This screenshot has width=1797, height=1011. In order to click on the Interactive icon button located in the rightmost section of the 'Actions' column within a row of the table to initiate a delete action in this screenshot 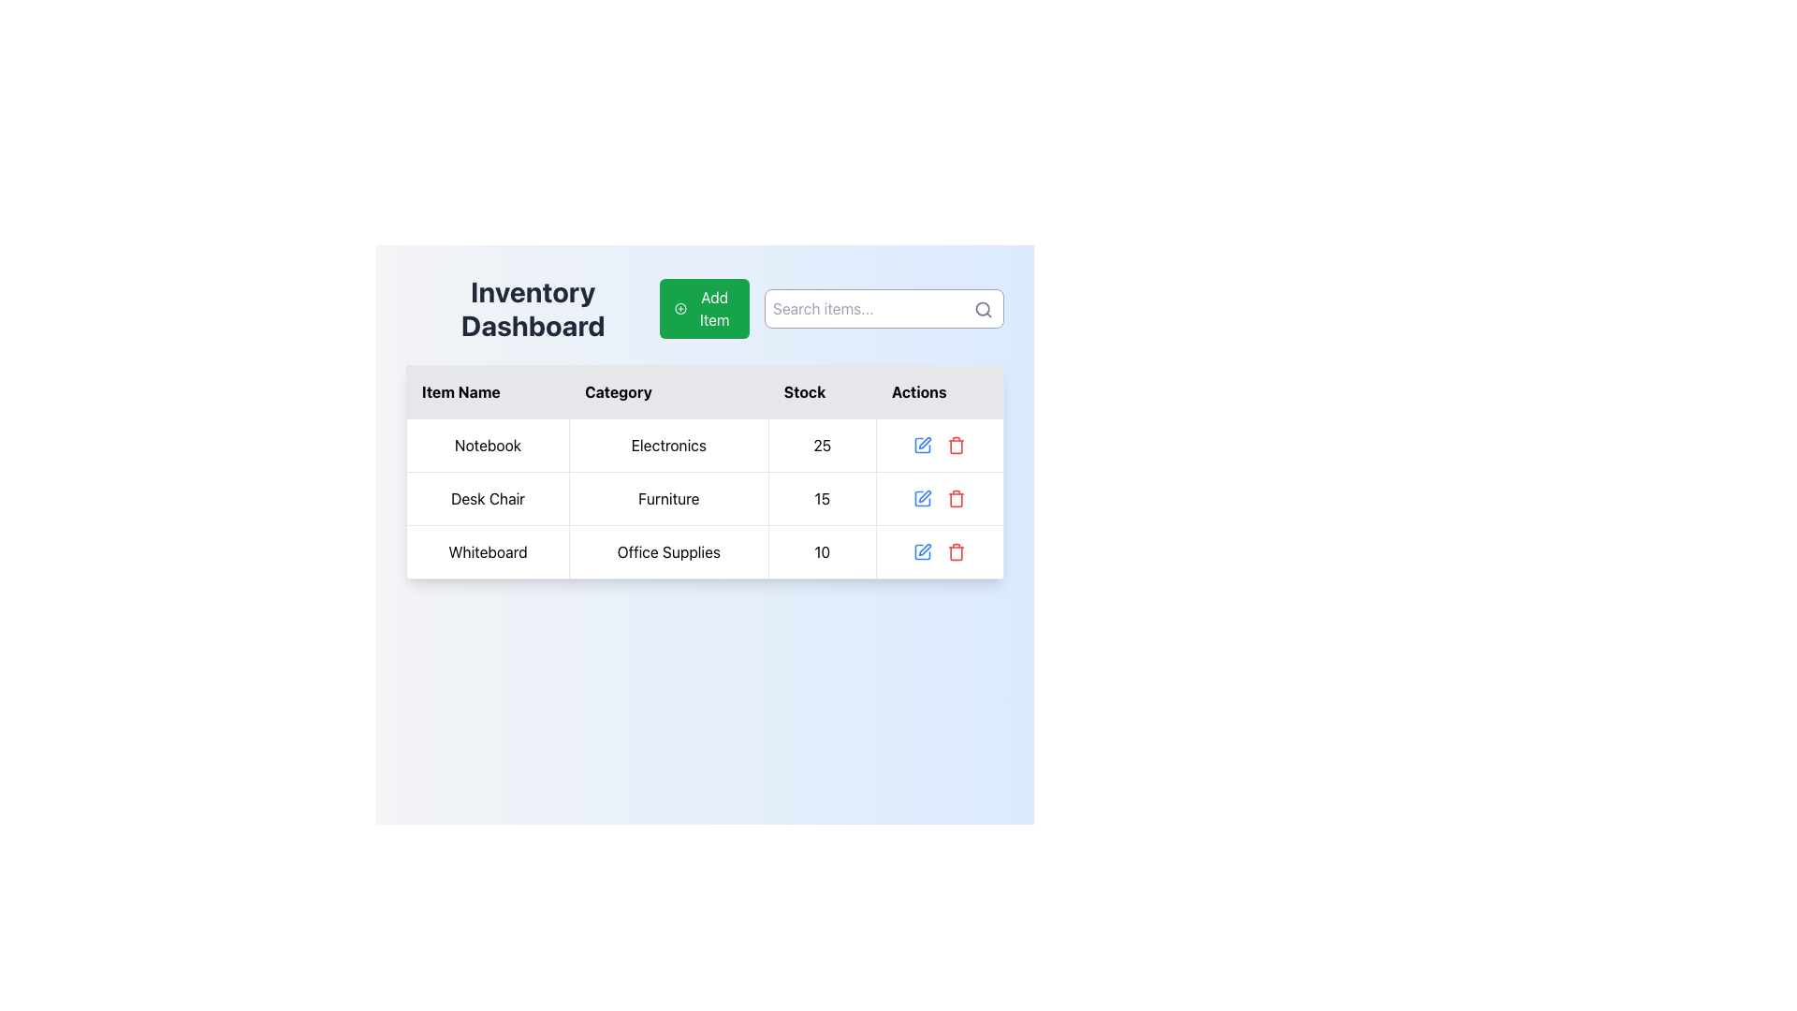, I will do `click(957, 497)`.